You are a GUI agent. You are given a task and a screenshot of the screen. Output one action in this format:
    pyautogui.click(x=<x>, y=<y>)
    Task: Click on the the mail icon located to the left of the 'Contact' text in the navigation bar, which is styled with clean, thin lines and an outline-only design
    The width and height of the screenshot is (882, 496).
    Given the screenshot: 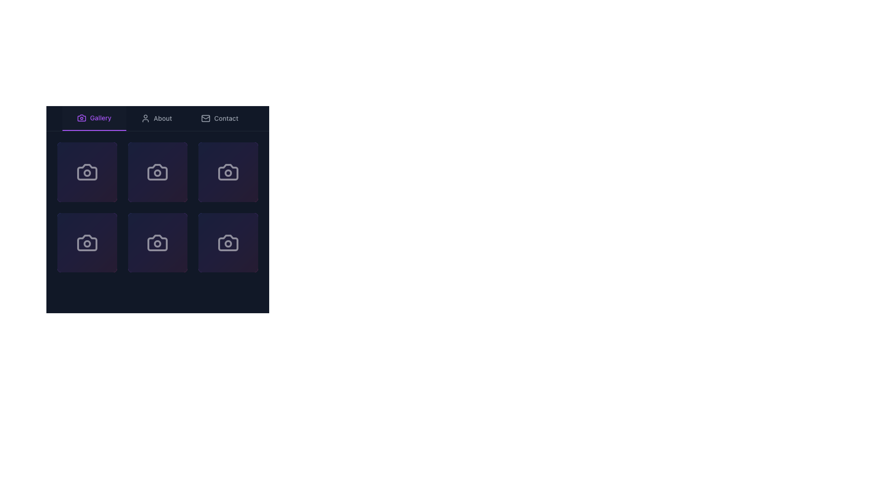 What is the action you would take?
    pyautogui.click(x=205, y=118)
    